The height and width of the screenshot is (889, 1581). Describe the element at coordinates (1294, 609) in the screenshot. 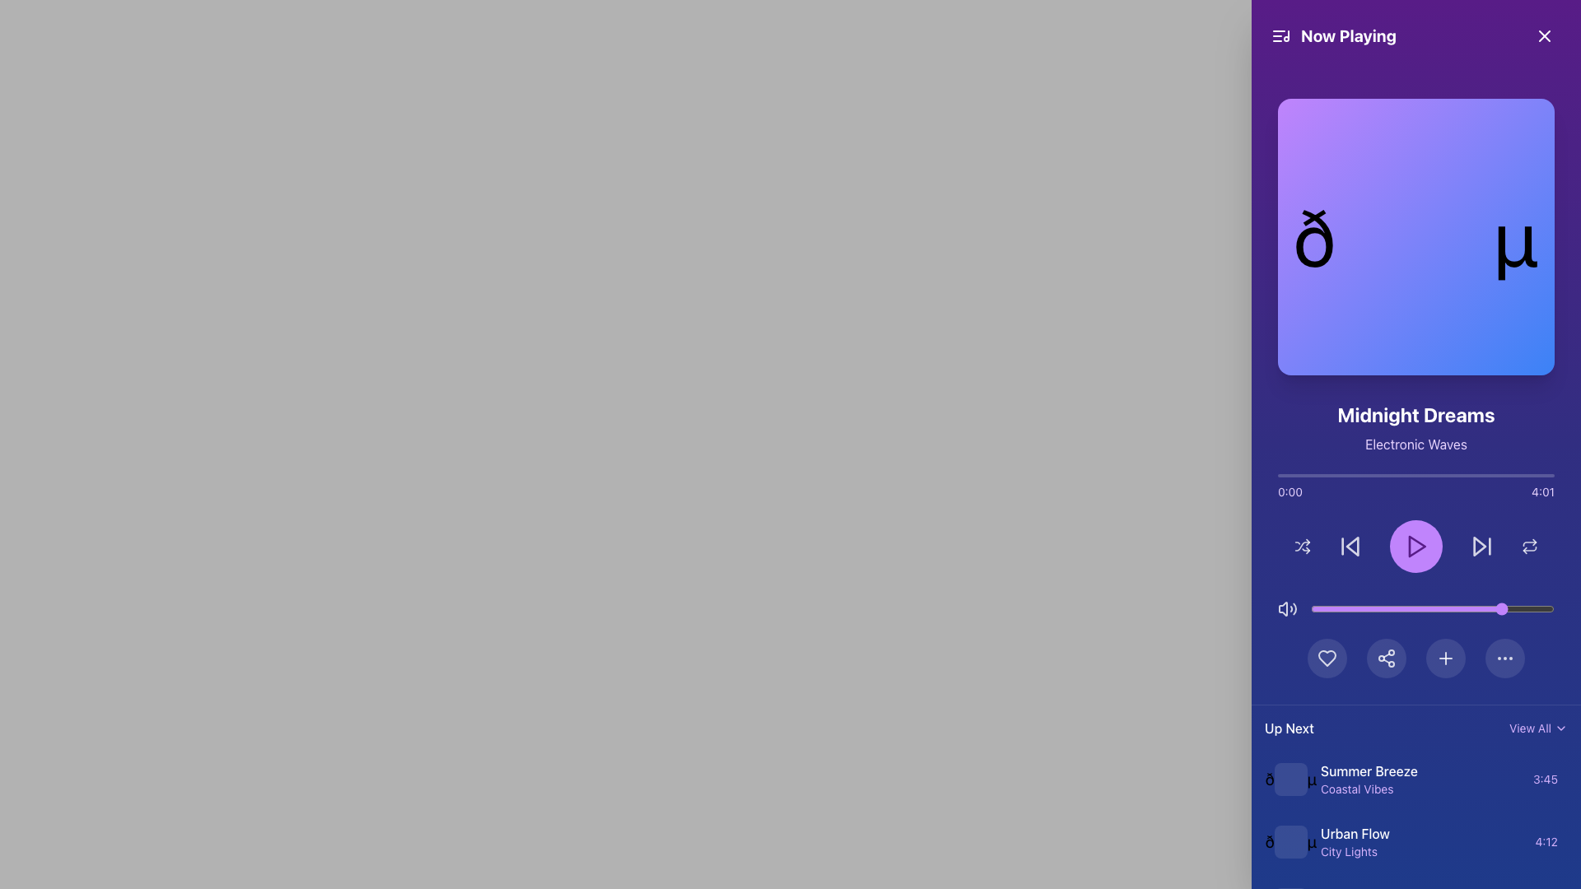

I see `the outermost decorative SVG arc within the volume control icon located at the top-right corner of the icon` at that location.